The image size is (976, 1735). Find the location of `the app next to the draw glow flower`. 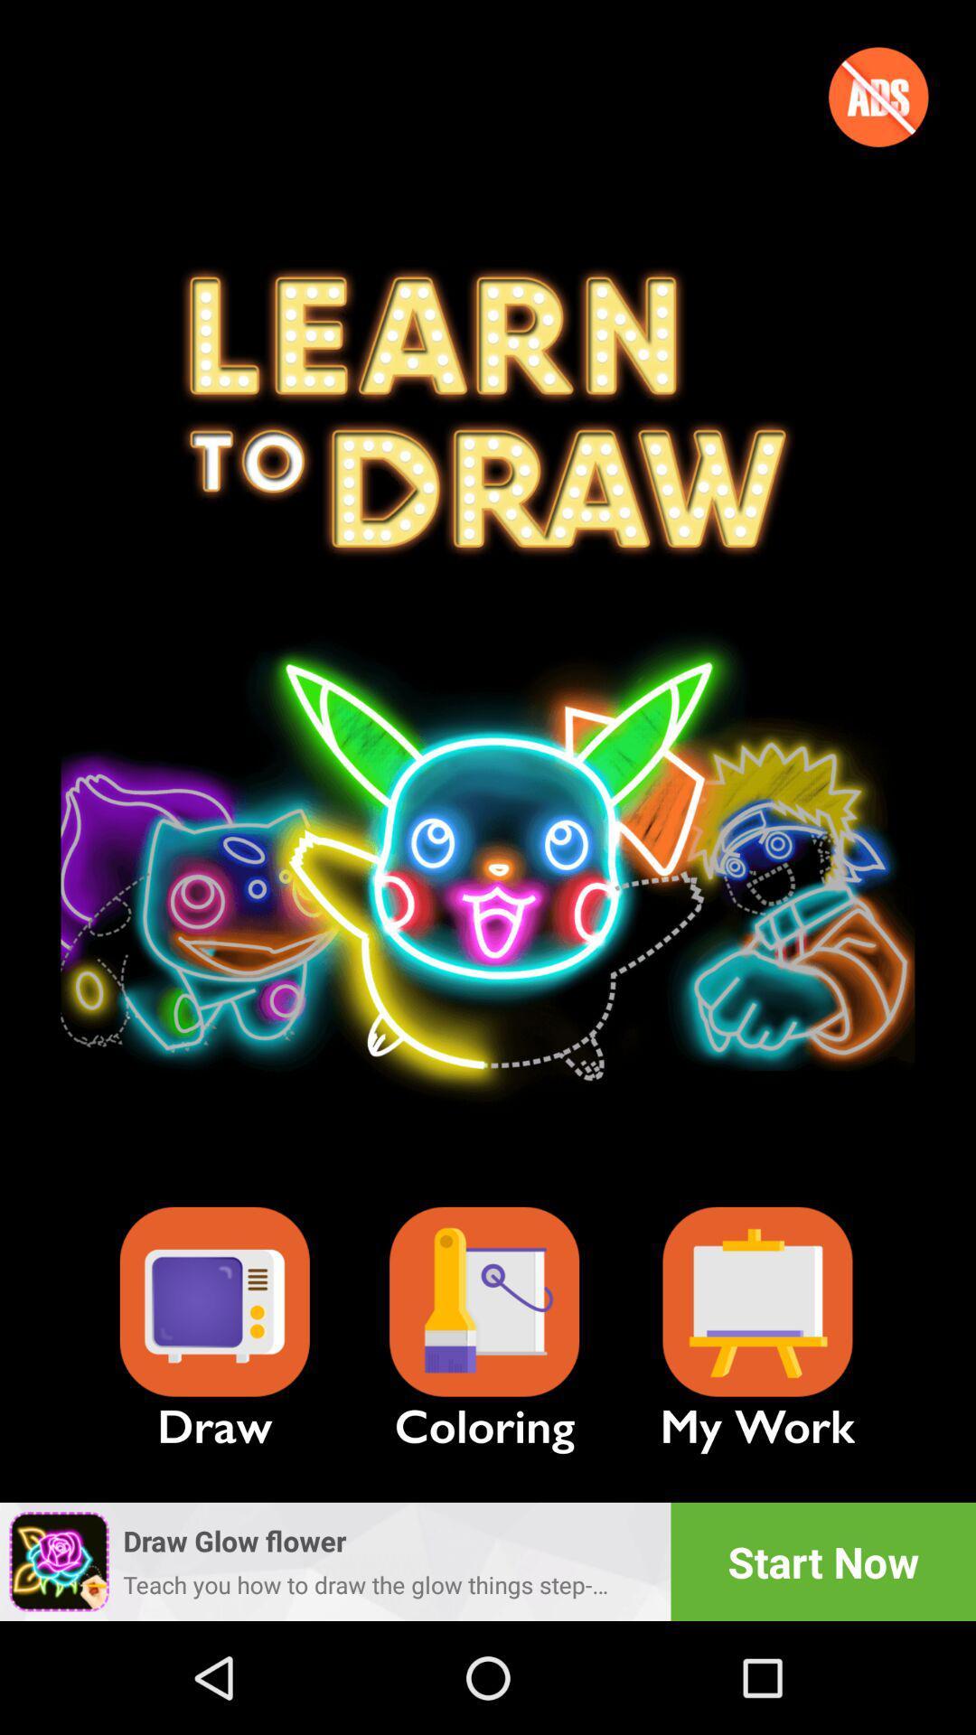

the app next to the draw glow flower is located at coordinates (823, 1561).